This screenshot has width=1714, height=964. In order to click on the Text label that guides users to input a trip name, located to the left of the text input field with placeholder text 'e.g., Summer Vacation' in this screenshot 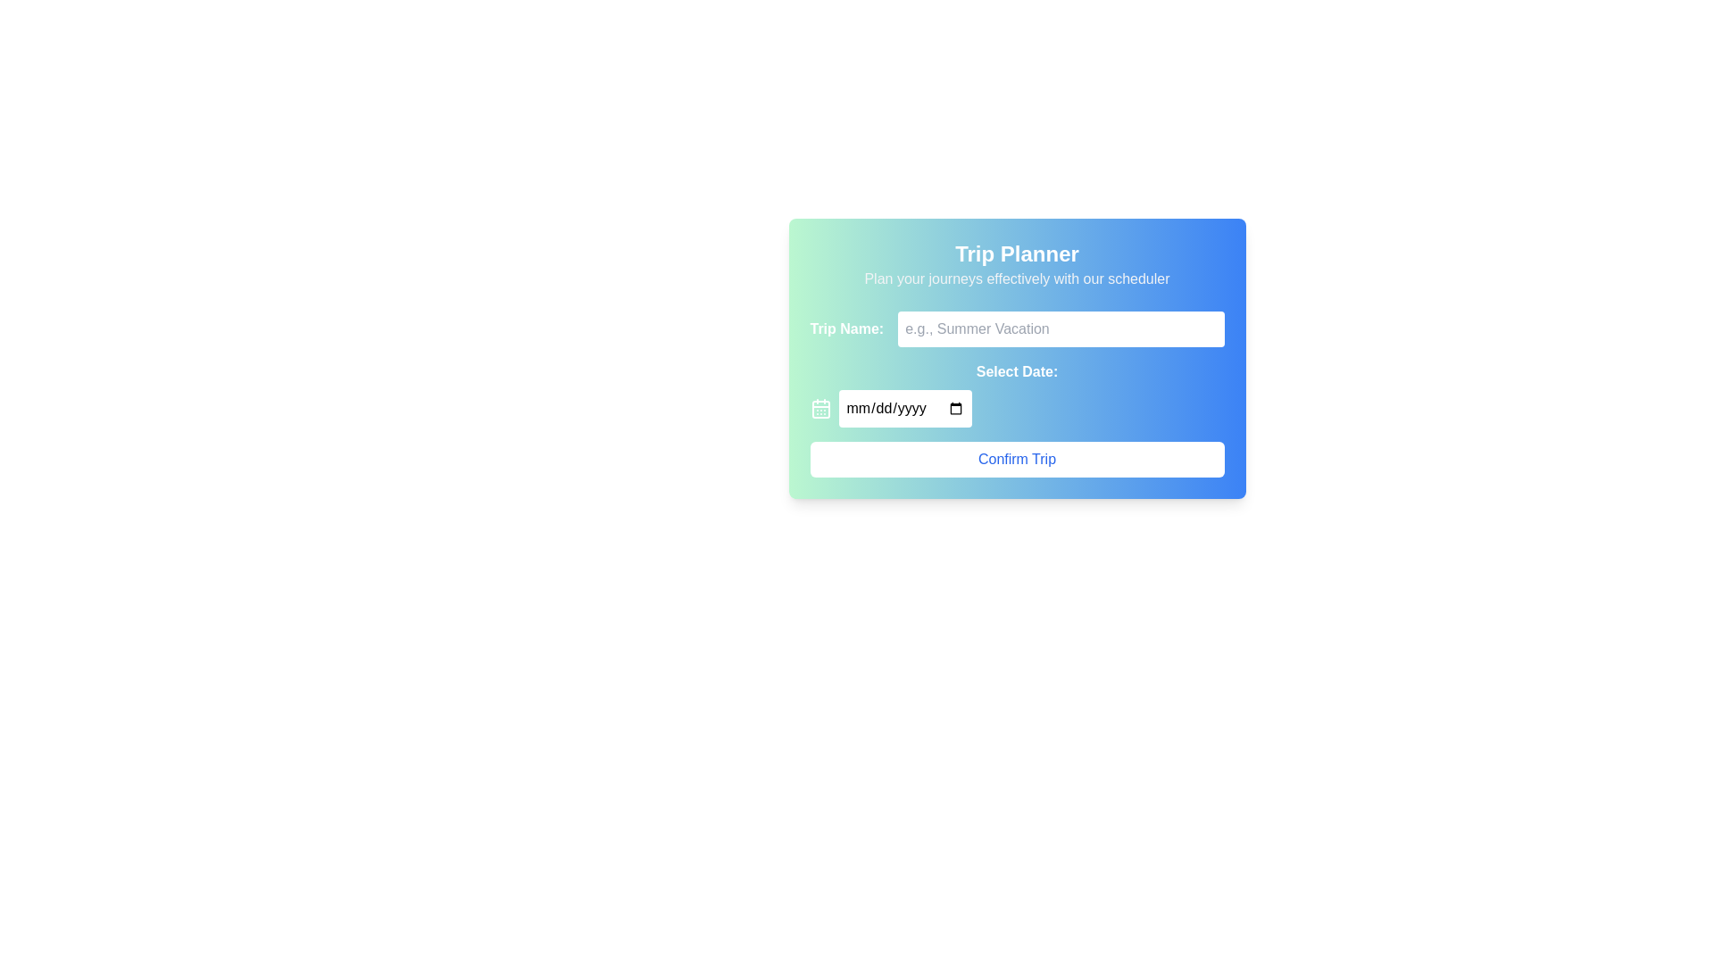, I will do `click(845, 329)`.